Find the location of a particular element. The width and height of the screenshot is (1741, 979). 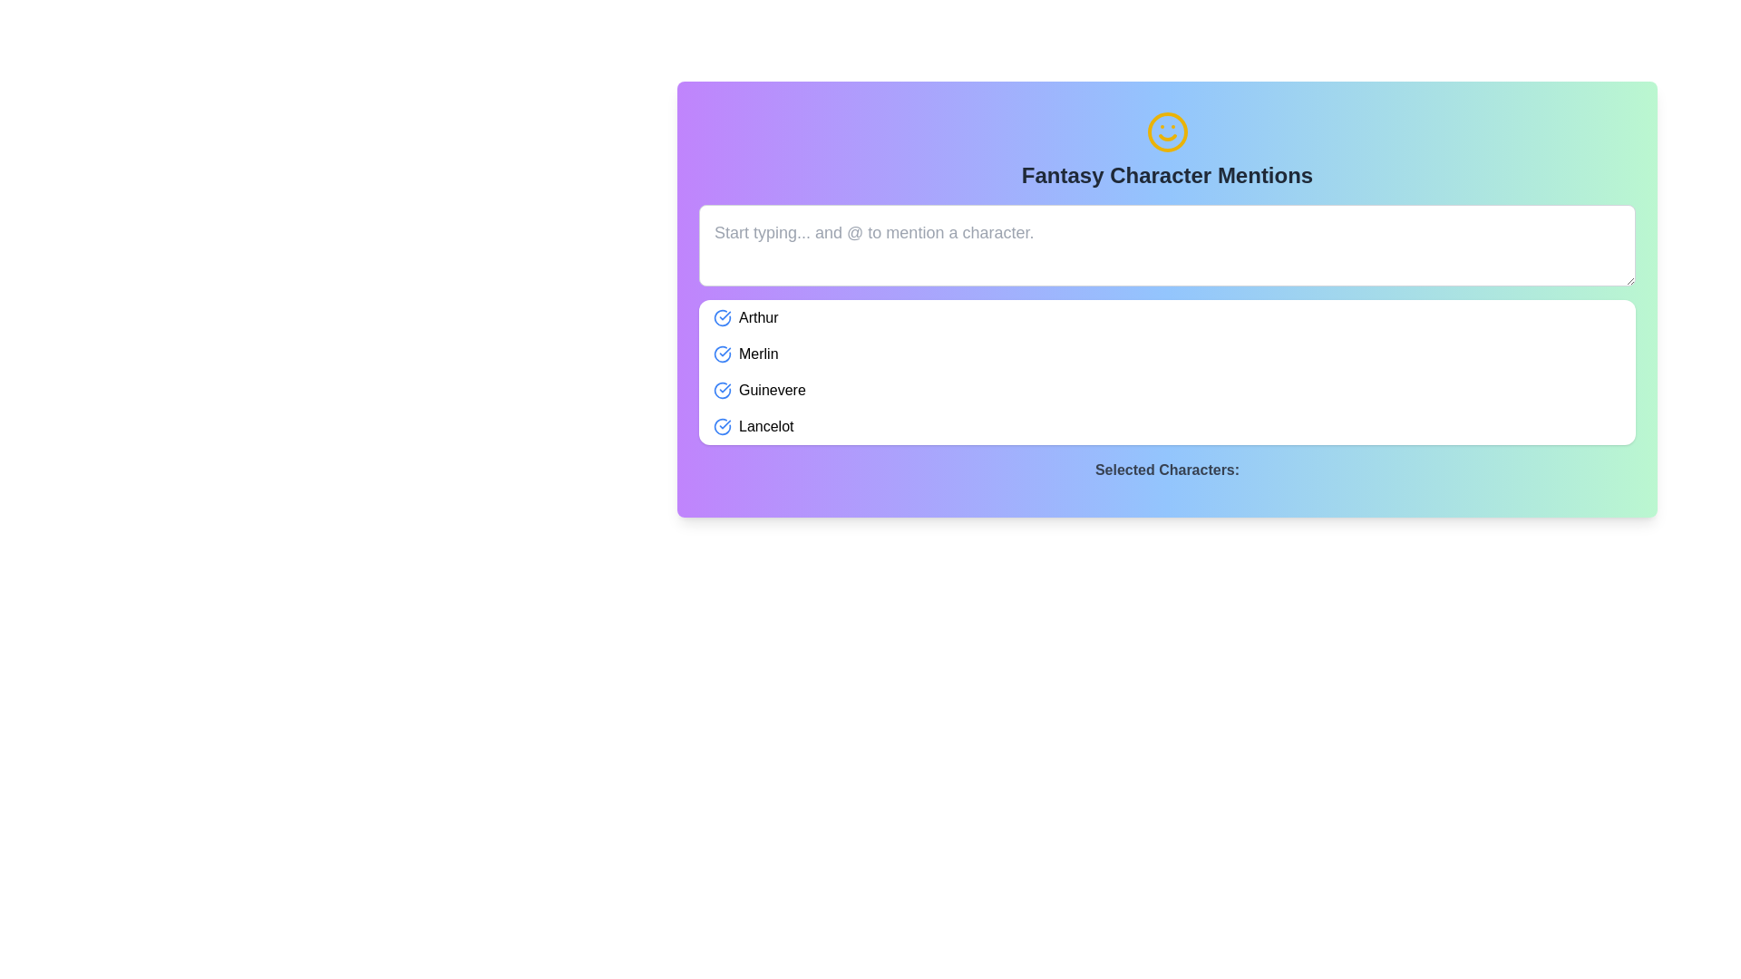

the yellow circular outline element of the smiling face icon located at the top center of the interface, above the title 'Fantasy Character Mentions.' is located at coordinates (1167, 131).